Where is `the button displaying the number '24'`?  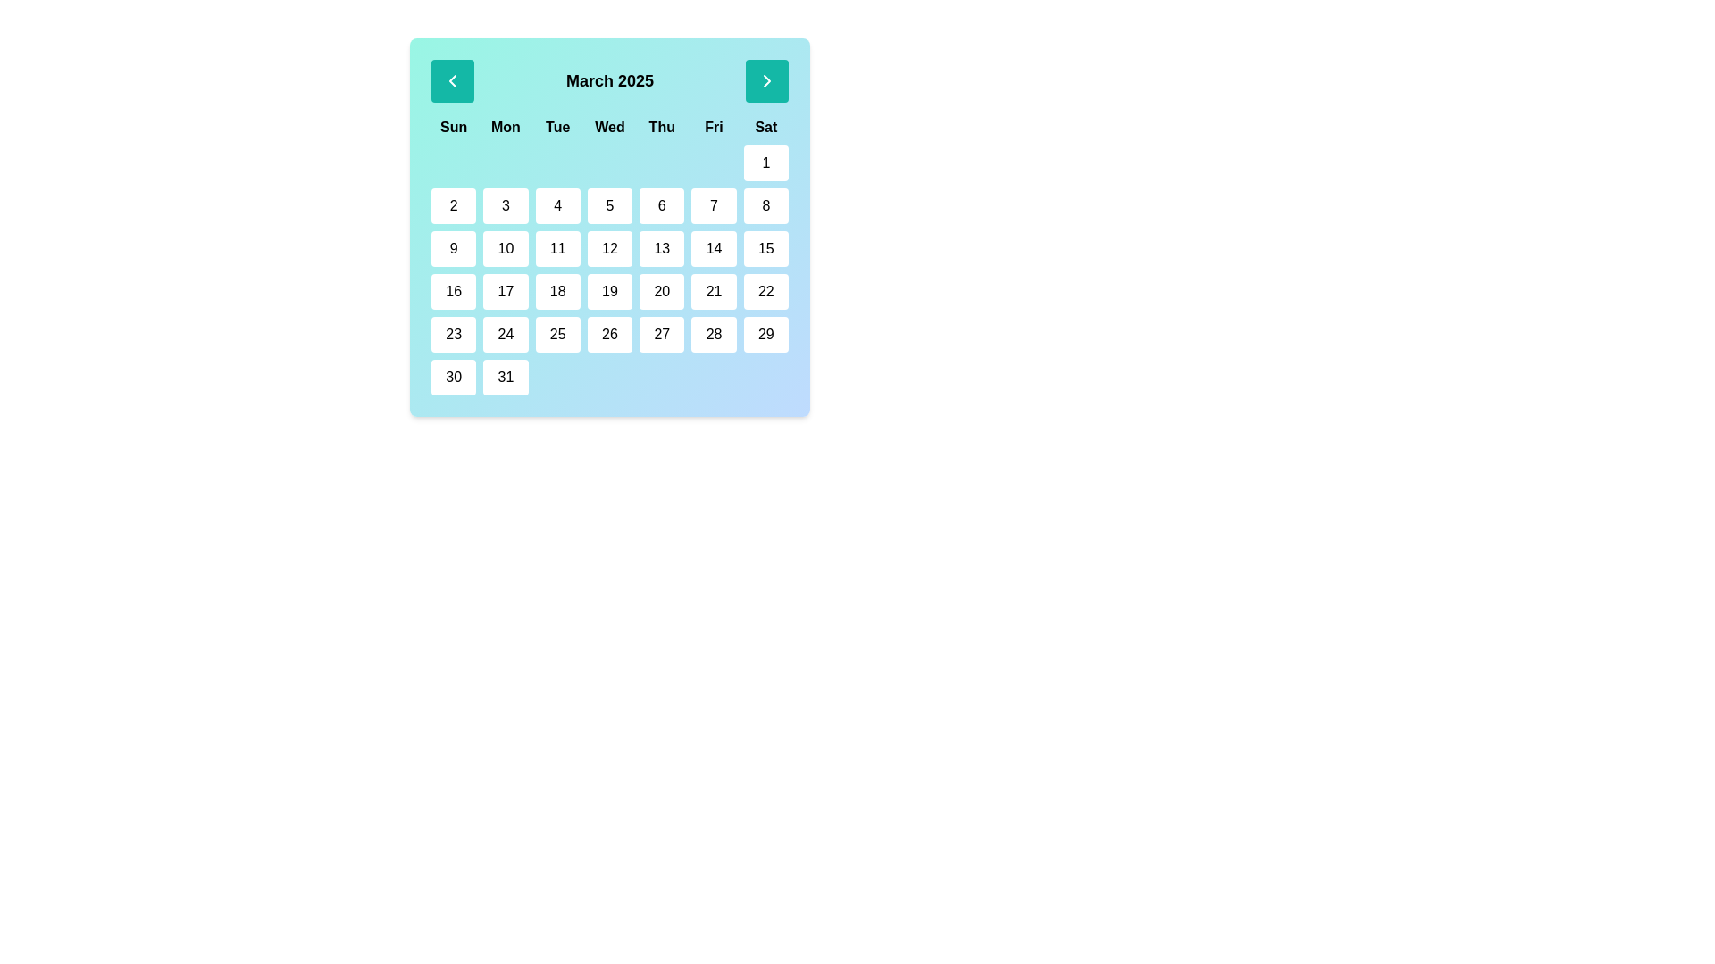
the button displaying the number '24' is located at coordinates (505, 334).